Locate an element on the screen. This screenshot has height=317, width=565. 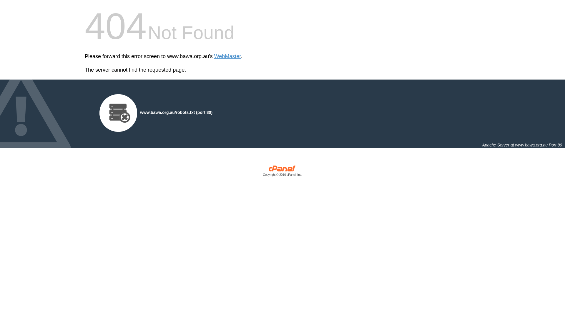
'WebMaster' is located at coordinates (227, 56).